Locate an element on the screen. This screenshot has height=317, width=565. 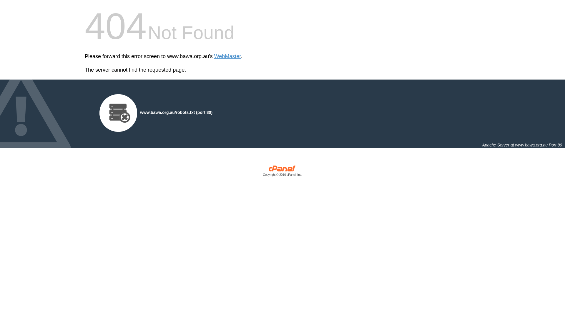
'WebMaster' is located at coordinates (227, 56).